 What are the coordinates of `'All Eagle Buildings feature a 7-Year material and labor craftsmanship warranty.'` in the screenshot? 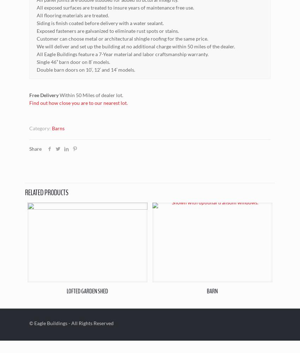 It's located at (122, 54).